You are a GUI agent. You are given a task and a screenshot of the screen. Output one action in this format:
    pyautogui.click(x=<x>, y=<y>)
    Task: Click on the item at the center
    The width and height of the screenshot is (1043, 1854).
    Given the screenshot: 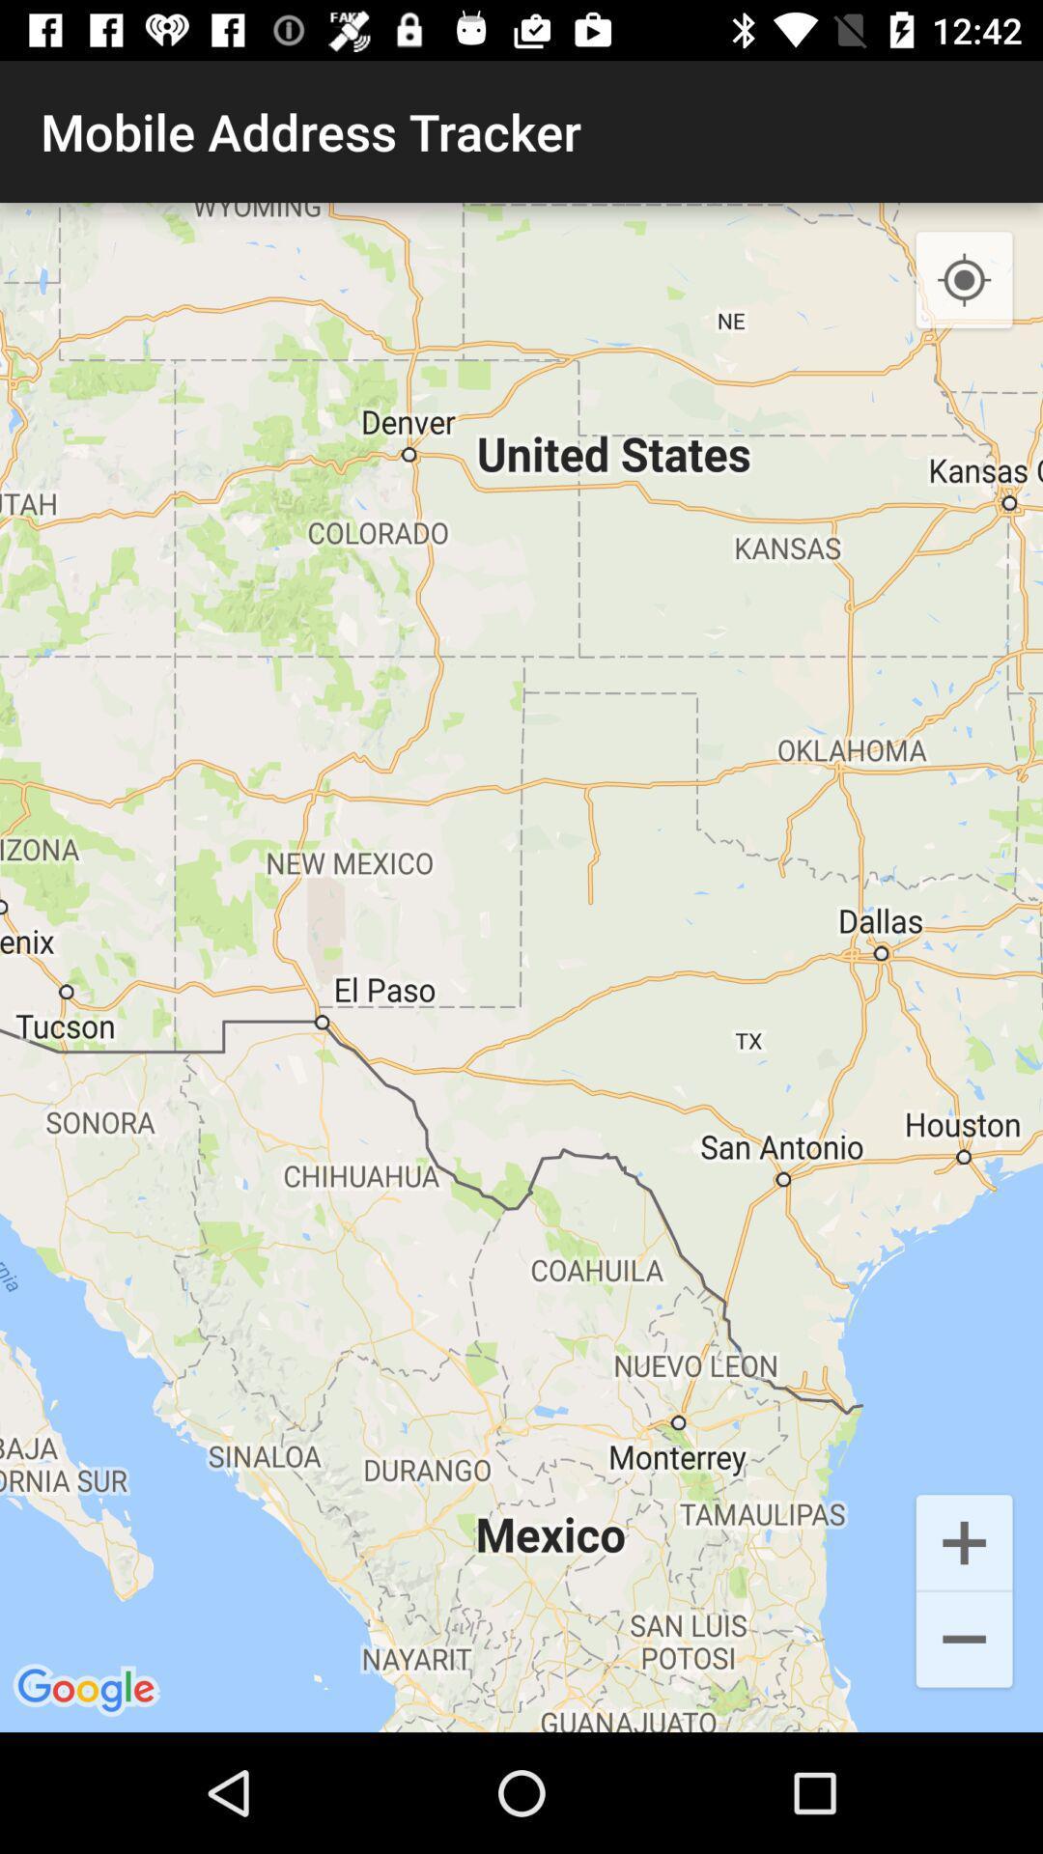 What is the action you would take?
    pyautogui.click(x=521, y=968)
    